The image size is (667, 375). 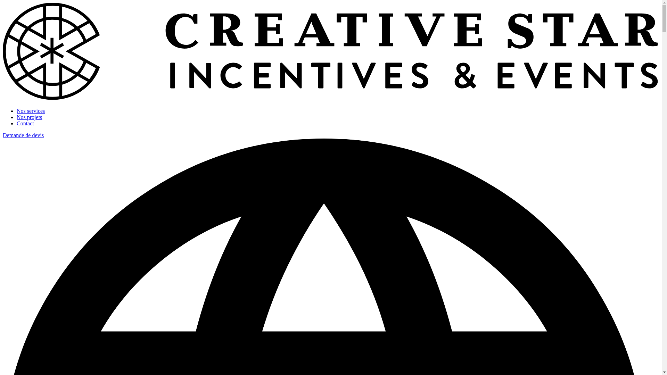 I want to click on 'Demande de devis', so click(x=23, y=135).